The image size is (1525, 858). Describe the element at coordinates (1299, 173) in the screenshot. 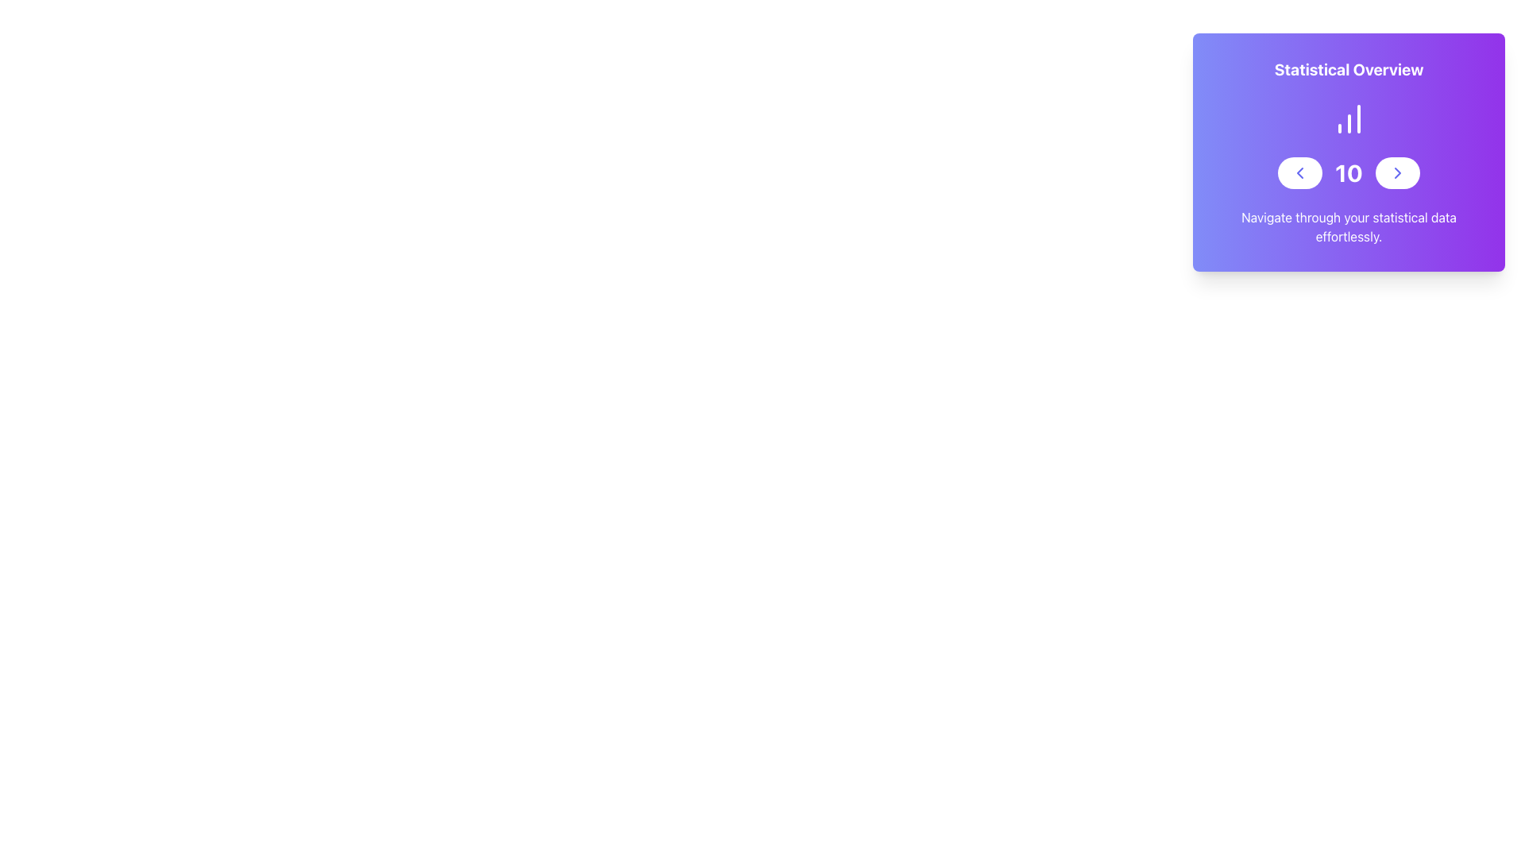

I see `the leftward-pointing chevron arrow icon within the navigation button on the left side of the 'Statistical Overview' card` at that location.